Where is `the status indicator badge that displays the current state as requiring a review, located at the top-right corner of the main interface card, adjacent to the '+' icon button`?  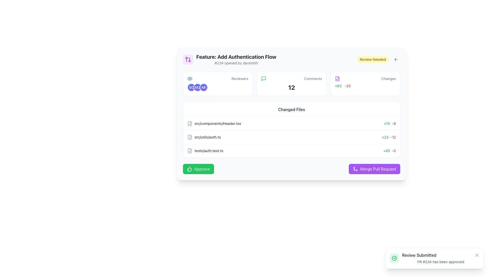 the status indicator badge that displays the current state as requiring a review, located at the top-right corner of the main interface card, adjacent to the '+' icon button is located at coordinates (373, 59).